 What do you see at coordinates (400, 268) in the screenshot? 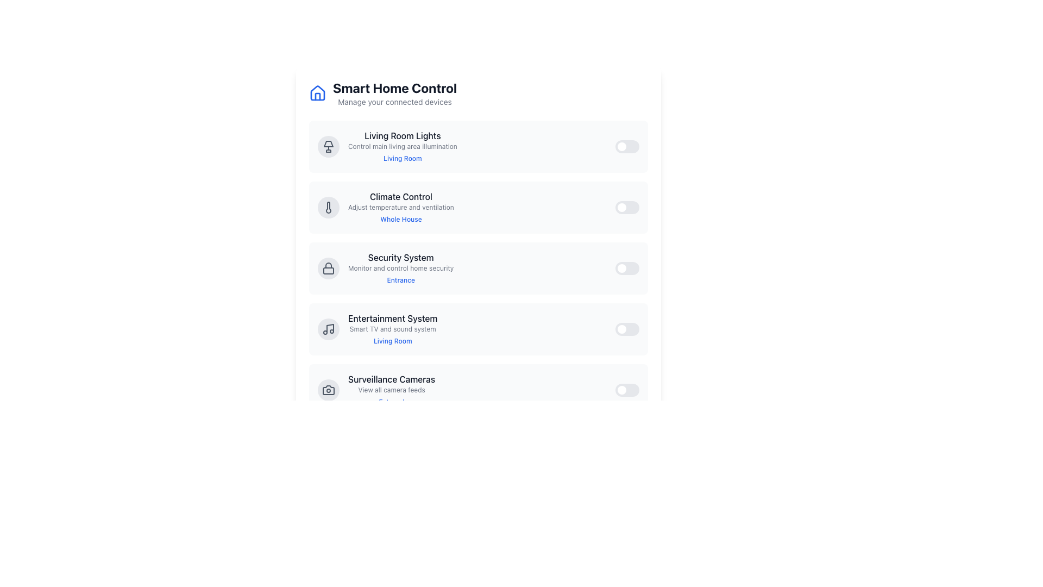
I see `the descriptive text label that provides information about the 'Security System' feature, which is located below the 'Security System' header and above the 'Entrance' text link` at bounding box center [400, 268].